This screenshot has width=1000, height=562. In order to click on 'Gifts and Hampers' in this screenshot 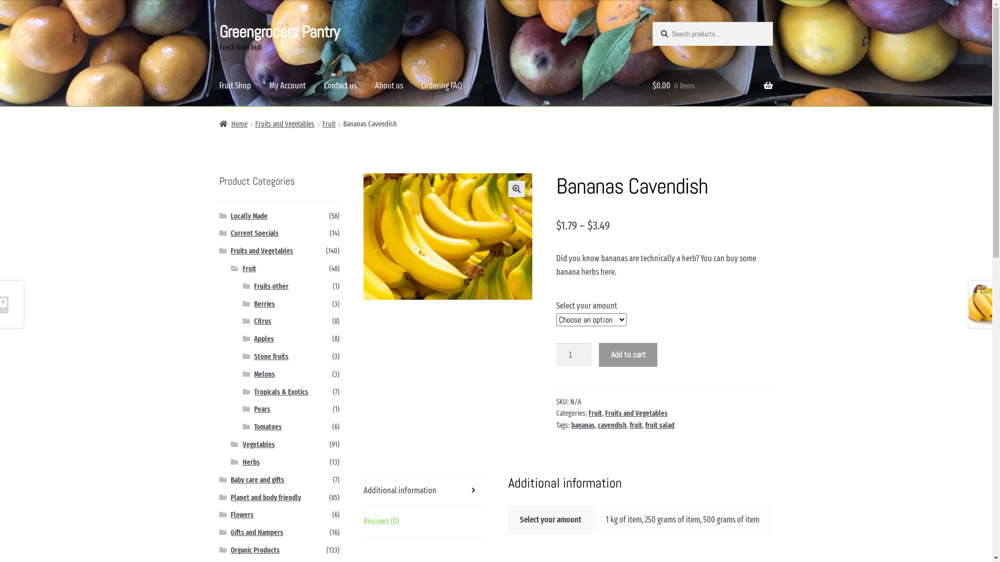, I will do `click(257, 532)`.